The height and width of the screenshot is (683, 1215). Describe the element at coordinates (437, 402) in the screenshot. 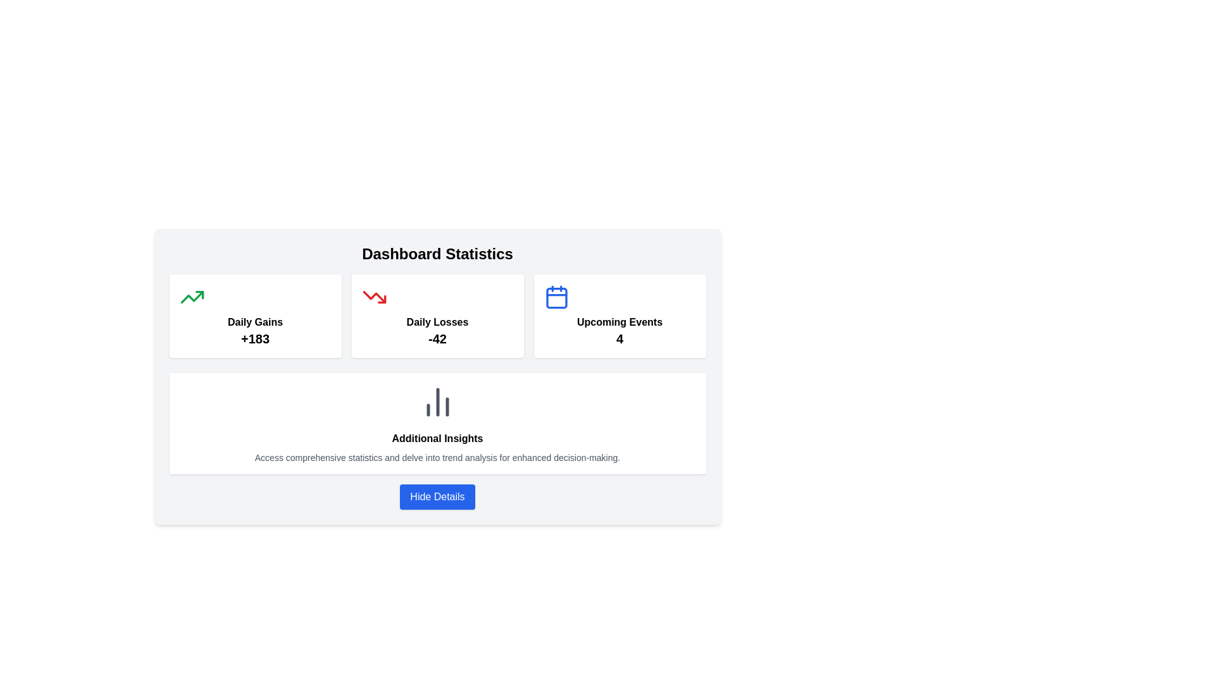

I see `the icon that visually represents data or statistics in the 'Additional Insights' section, positioned at the top center above the text 'Additional Insights'` at that location.